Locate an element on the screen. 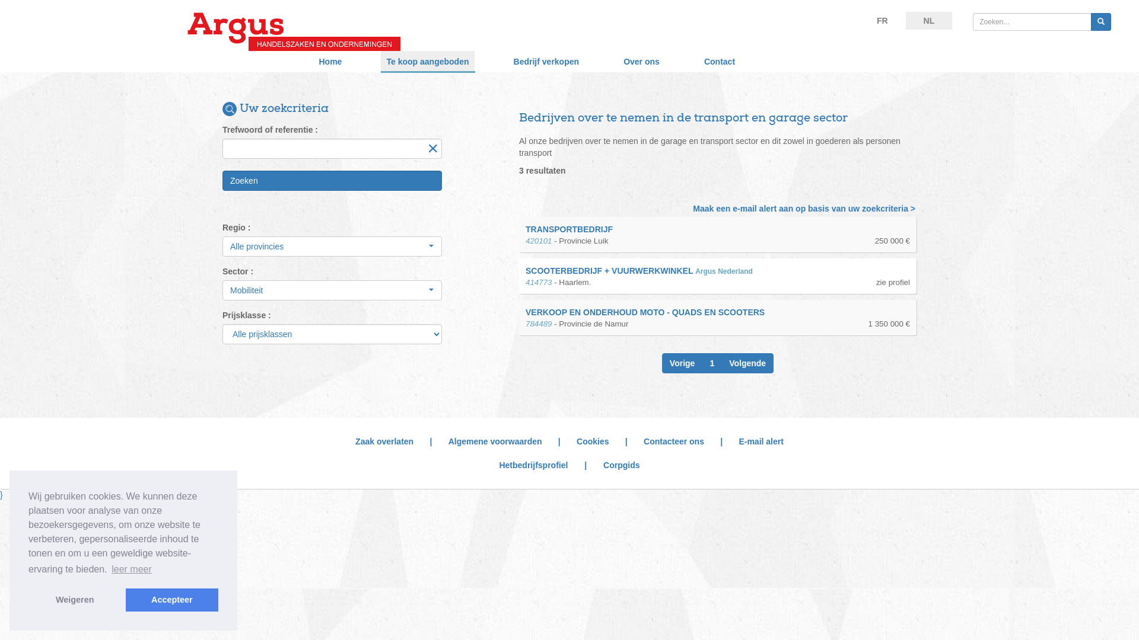 The height and width of the screenshot is (640, 1139). 'Algemene voorwaarden' is located at coordinates (495, 441).